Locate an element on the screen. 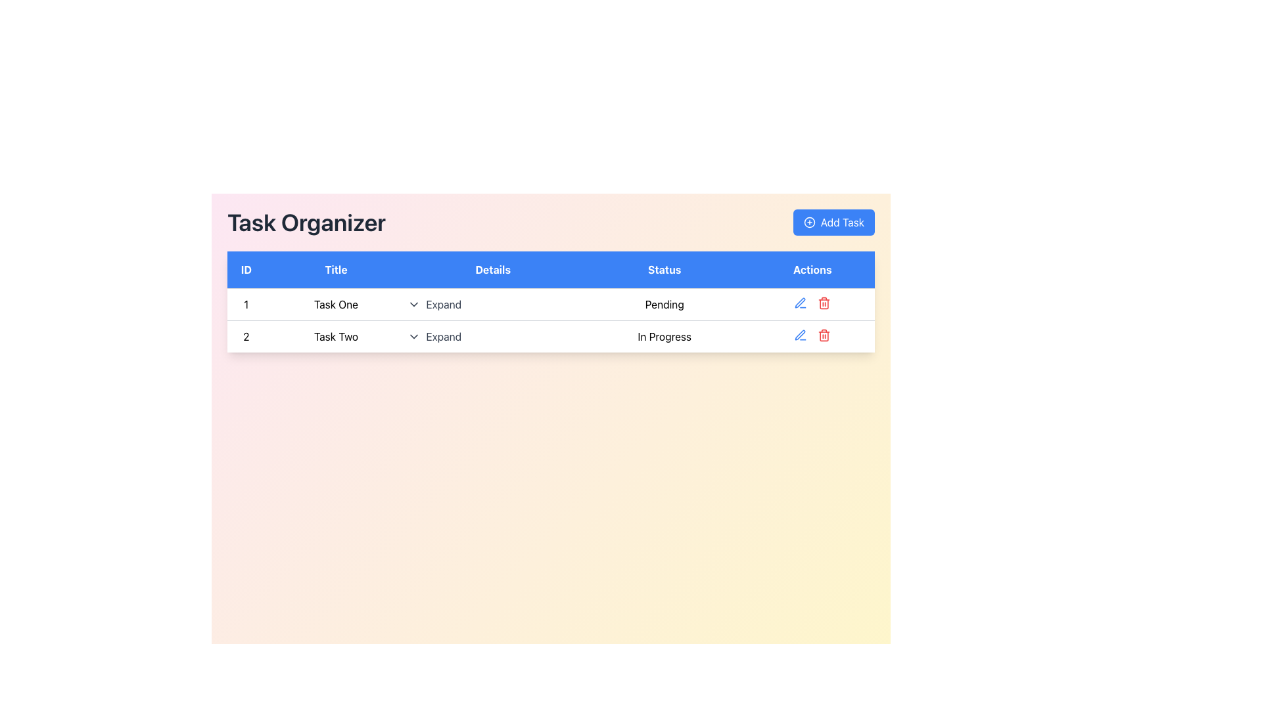  the toggle button in the first row of the 'Task Organizer' data table under the 'Details' column is located at coordinates (434, 304).